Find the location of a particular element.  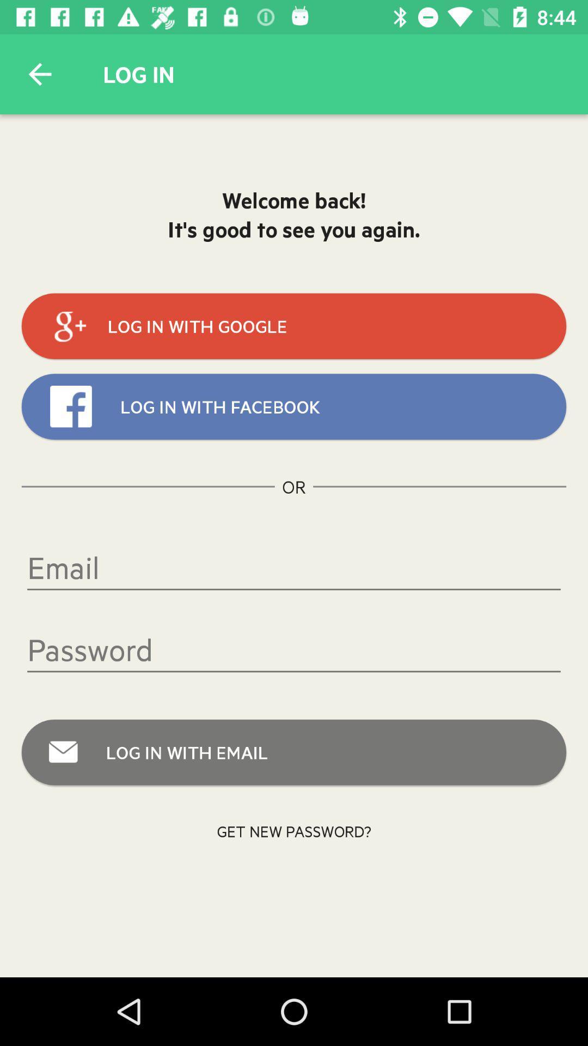

the icon below the or icon is located at coordinates (294, 567).